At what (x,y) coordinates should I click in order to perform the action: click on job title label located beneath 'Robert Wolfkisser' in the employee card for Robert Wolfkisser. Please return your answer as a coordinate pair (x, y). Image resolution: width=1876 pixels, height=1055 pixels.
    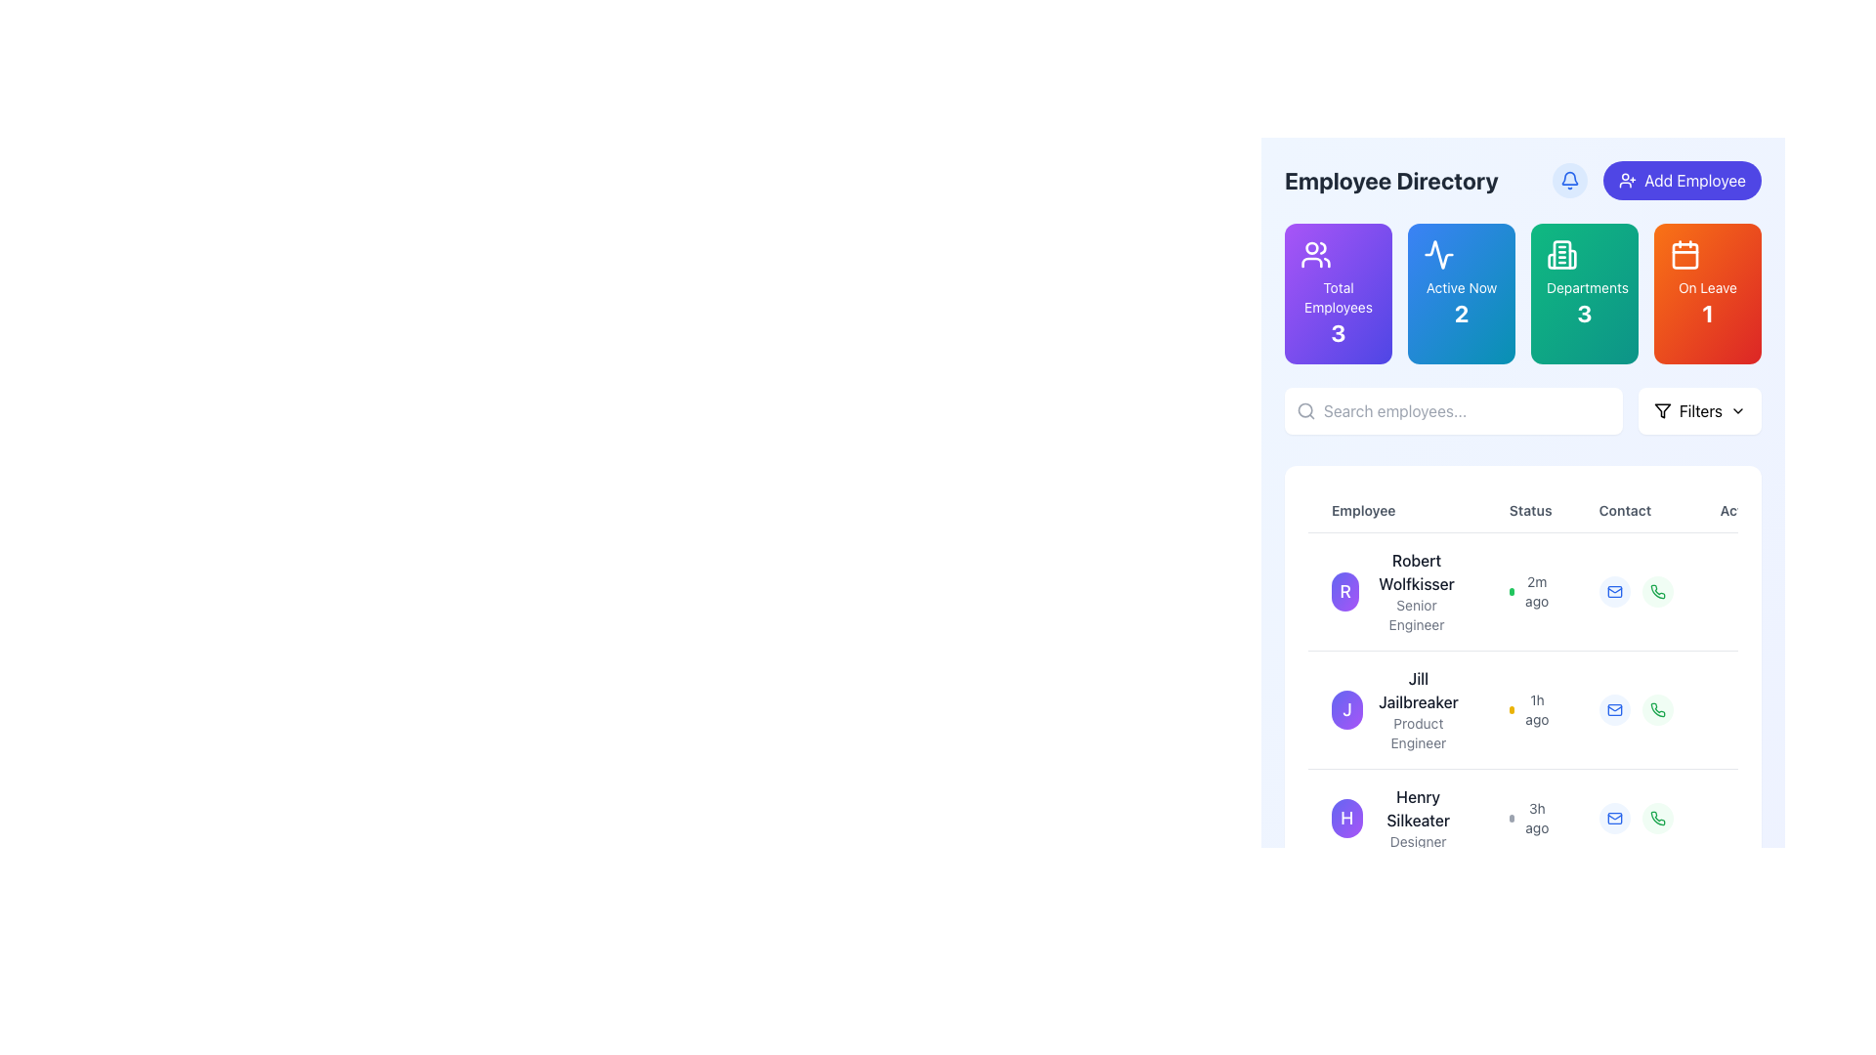
    Looking at the image, I should click on (1416, 613).